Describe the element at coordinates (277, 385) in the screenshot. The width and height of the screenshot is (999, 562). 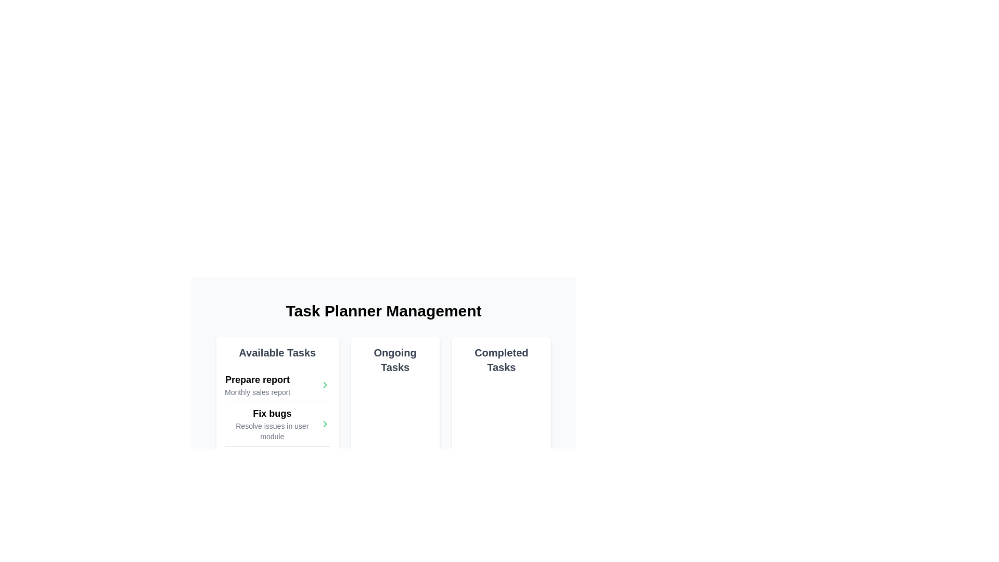
I see `the first task item in the 'Available Tasks' section` at that location.